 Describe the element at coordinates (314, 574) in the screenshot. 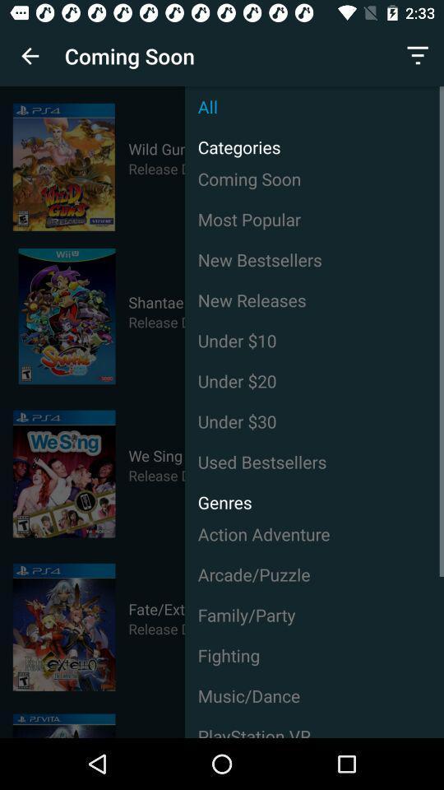

I see `the arcade/puzzle icon` at that location.